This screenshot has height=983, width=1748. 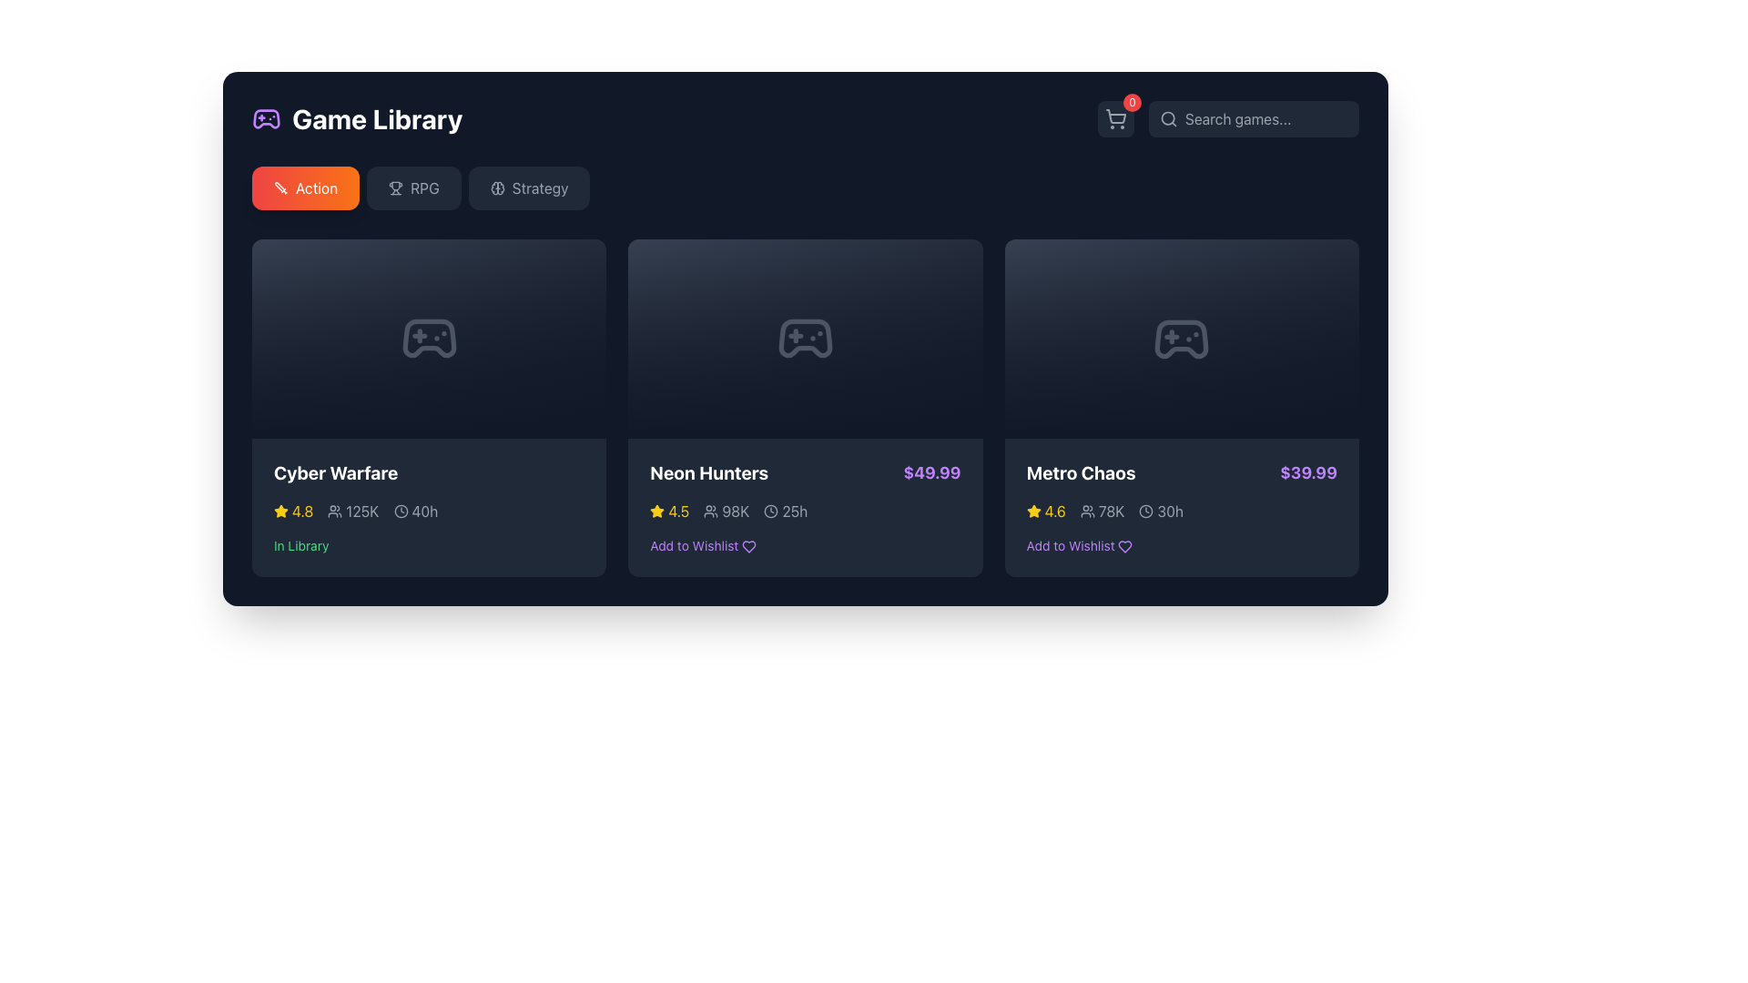 What do you see at coordinates (1182, 339) in the screenshot?
I see `the game controller icon, which is a monochrome graphic representation located at the center of the card for the game titled 'Metro Chaos' in the Game Library section` at bounding box center [1182, 339].